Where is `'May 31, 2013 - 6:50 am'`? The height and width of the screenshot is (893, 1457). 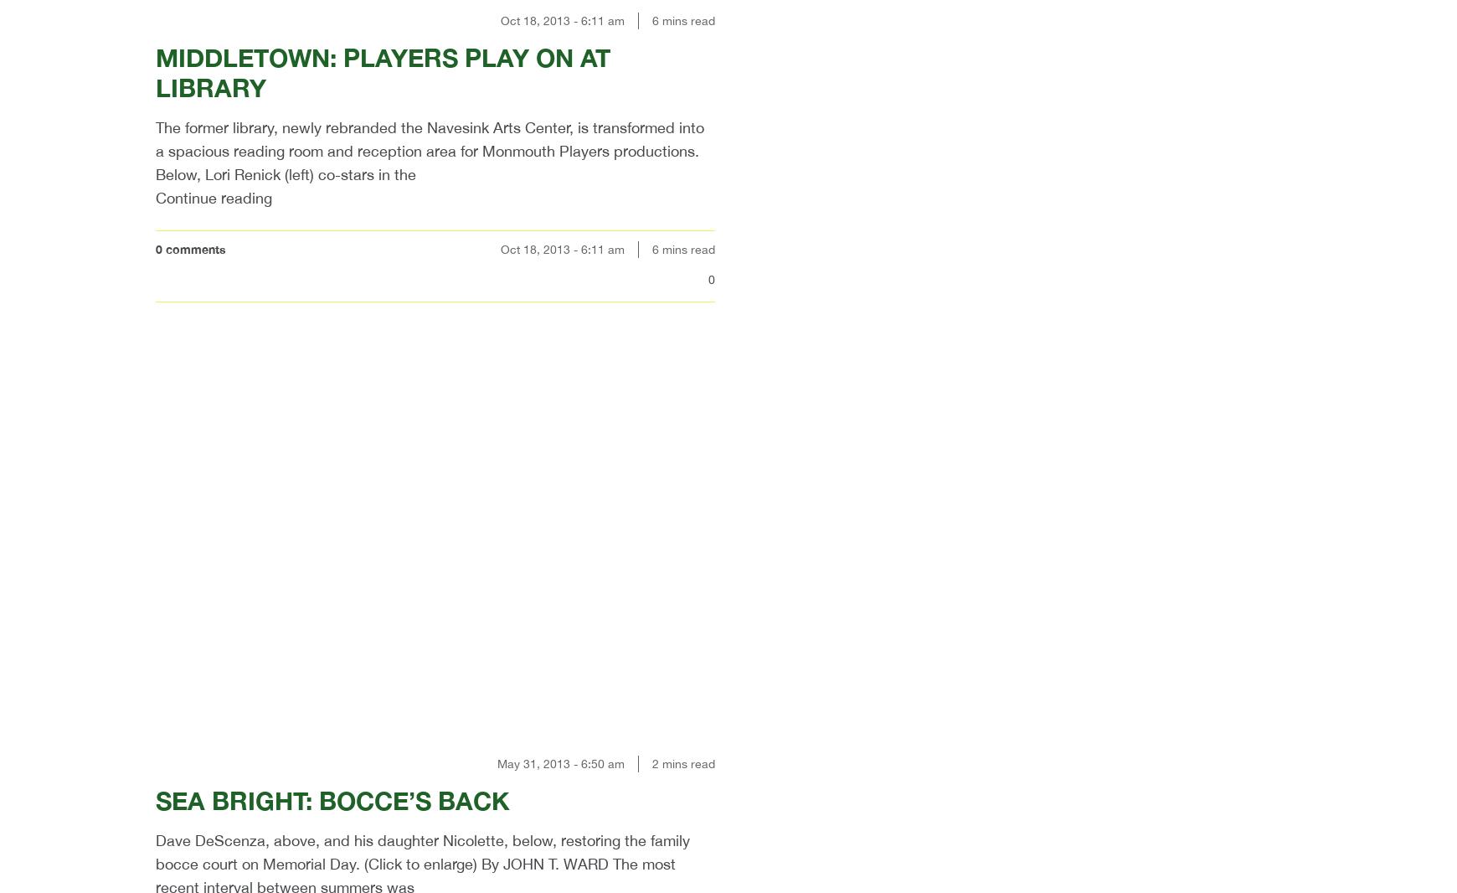
'May 31, 2013 - 6:50 am' is located at coordinates (561, 763).